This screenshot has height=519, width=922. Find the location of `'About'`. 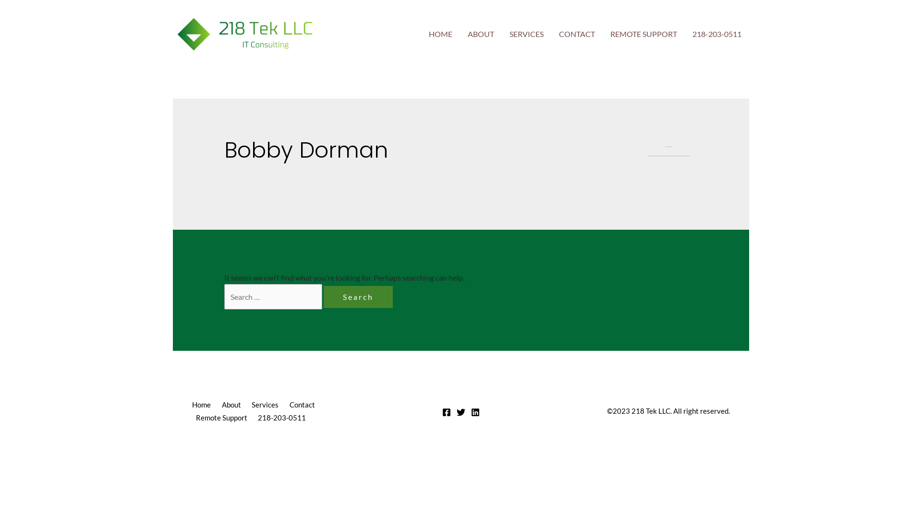

'About' is located at coordinates (218, 405).